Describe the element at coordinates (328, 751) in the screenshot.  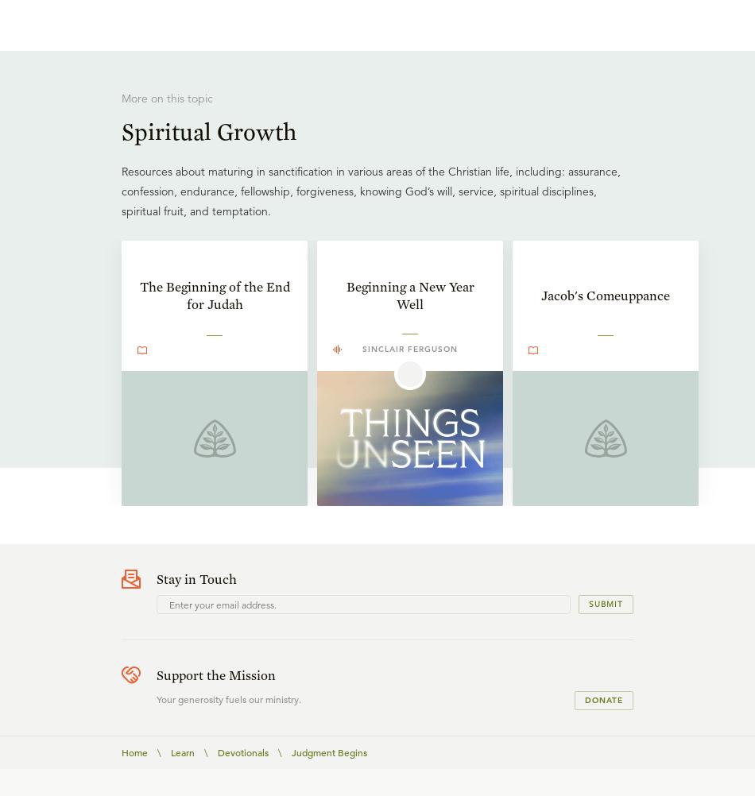
I see `'Judgment Begins'` at that location.